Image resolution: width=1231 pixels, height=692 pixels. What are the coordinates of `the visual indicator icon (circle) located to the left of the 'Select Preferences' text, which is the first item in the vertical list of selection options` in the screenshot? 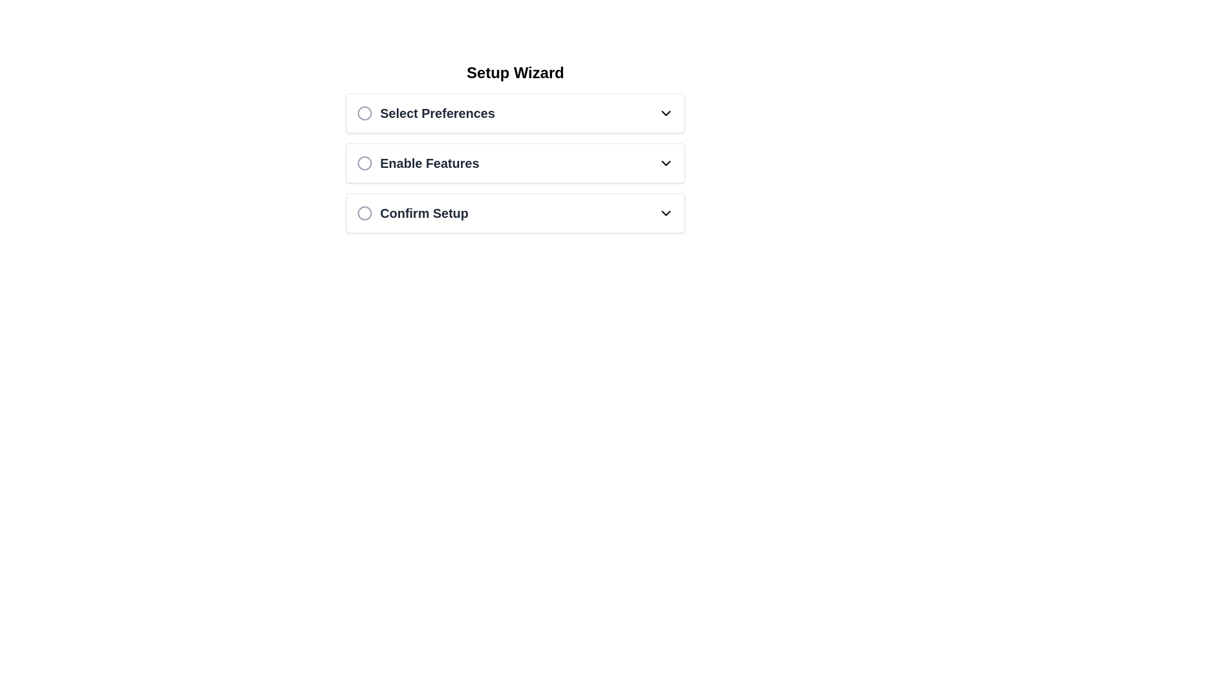 It's located at (364, 113).